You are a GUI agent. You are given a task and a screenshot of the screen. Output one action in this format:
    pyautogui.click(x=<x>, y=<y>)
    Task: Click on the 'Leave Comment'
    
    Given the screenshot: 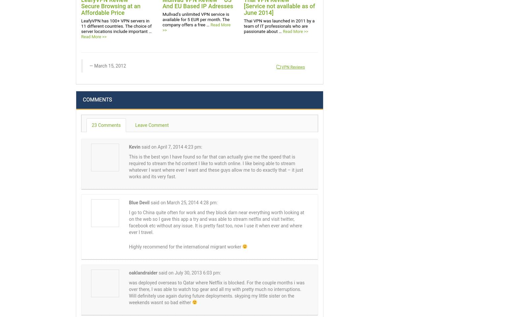 What is the action you would take?
    pyautogui.click(x=151, y=125)
    